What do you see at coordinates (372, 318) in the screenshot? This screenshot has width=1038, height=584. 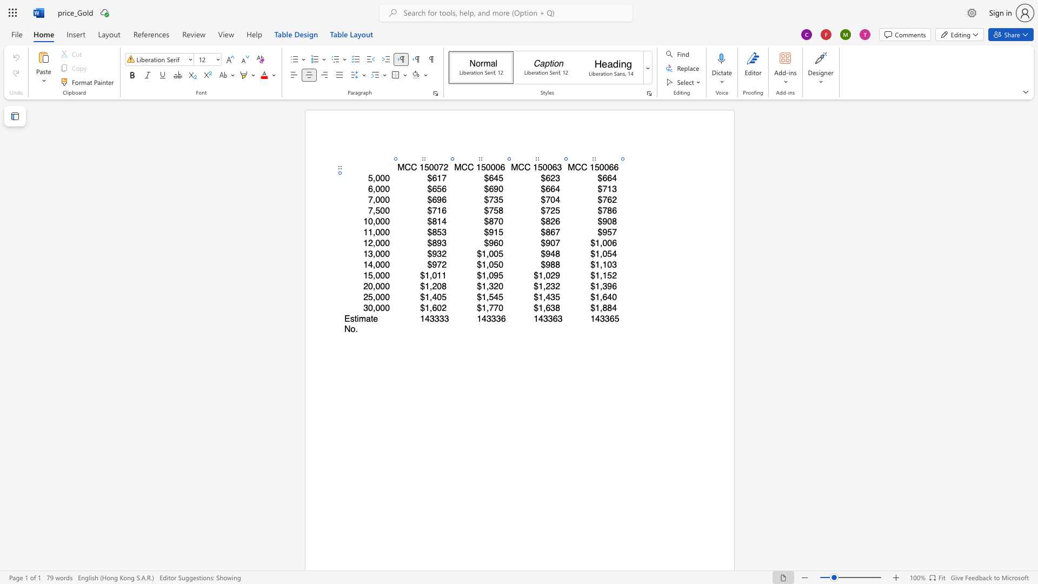 I see `the 2th character "t" in the text` at bounding box center [372, 318].